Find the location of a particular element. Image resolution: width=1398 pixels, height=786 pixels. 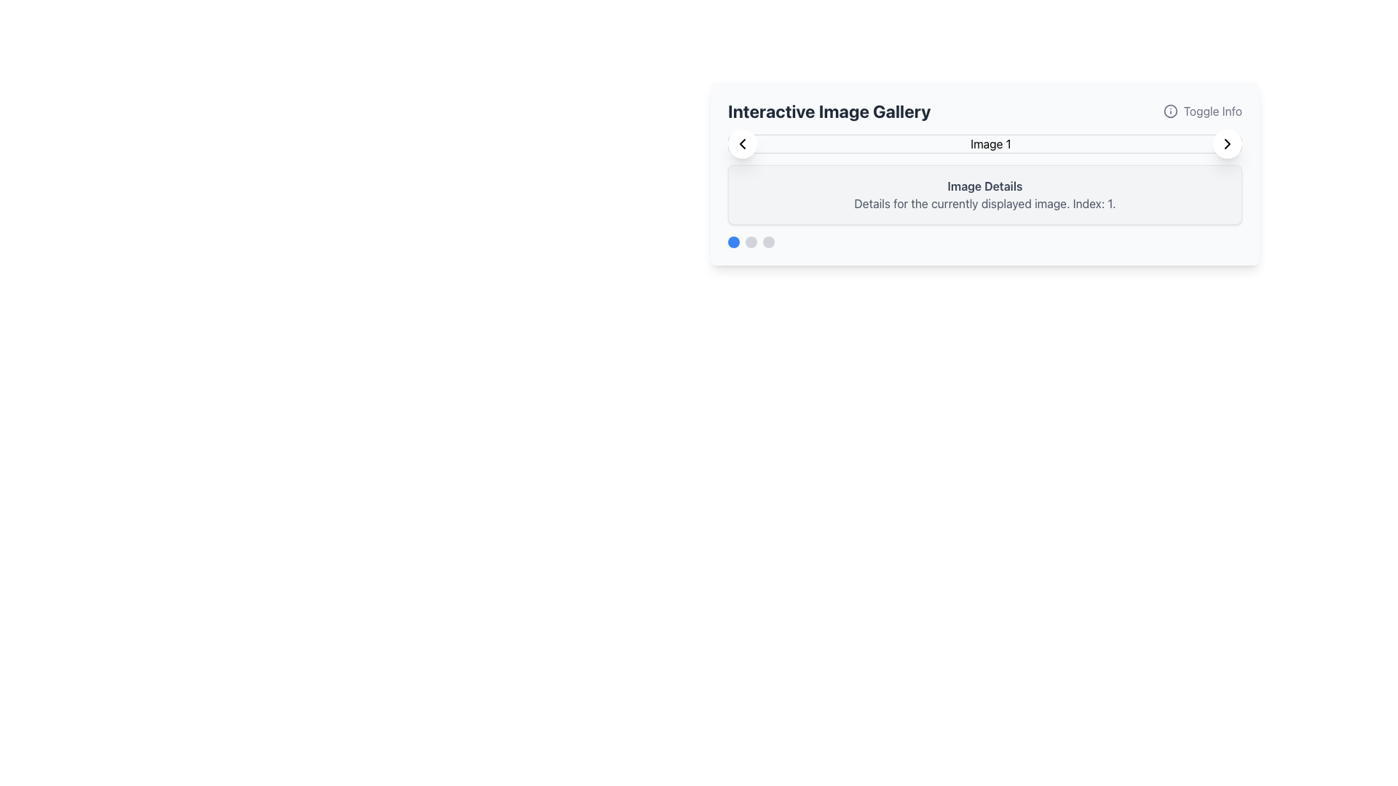

the Text Label that serves as a title or heading, located centrally at the top of the content card, to the left of the 'Toggle Info' button is located at coordinates (829, 111).